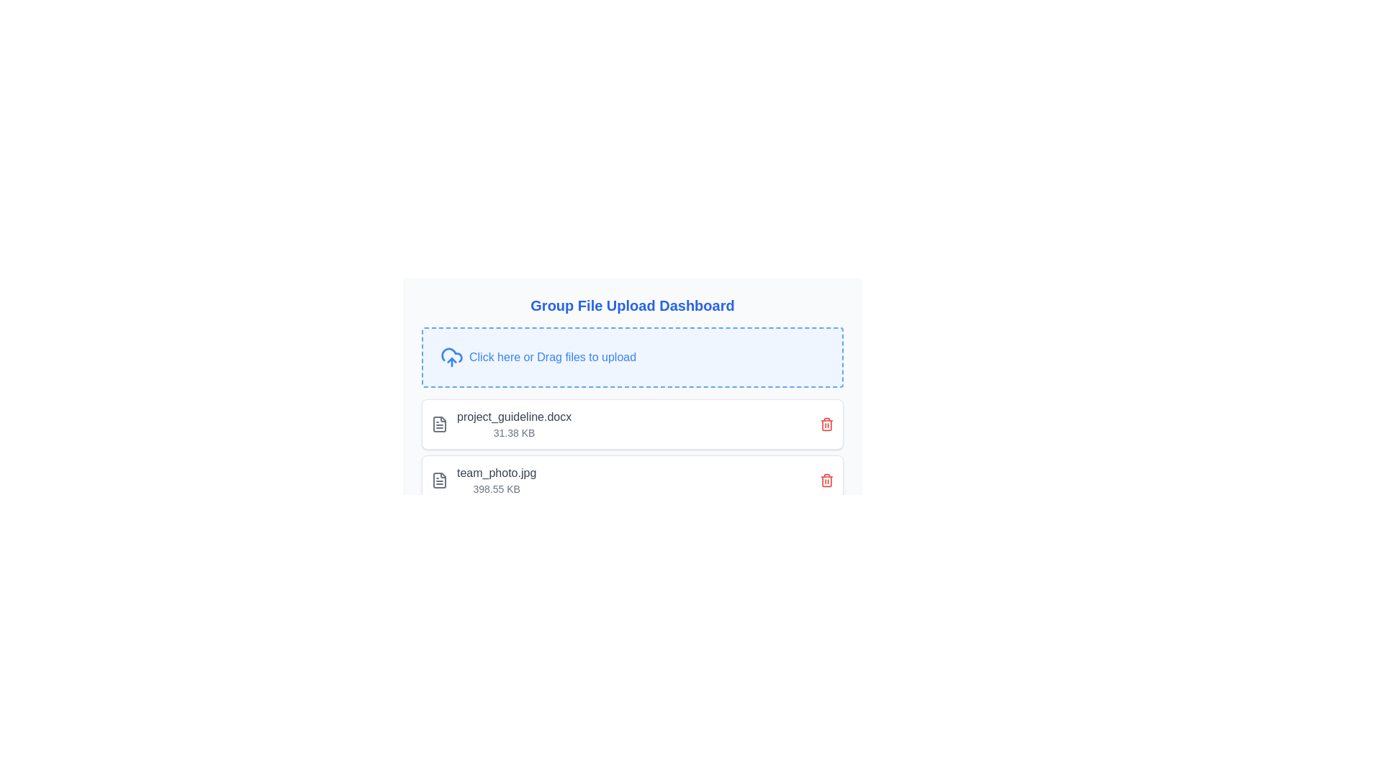 This screenshot has width=1382, height=777. I want to click on details about a file in the File list display section located within the Group File Upload Dashboard, so click(632, 451).